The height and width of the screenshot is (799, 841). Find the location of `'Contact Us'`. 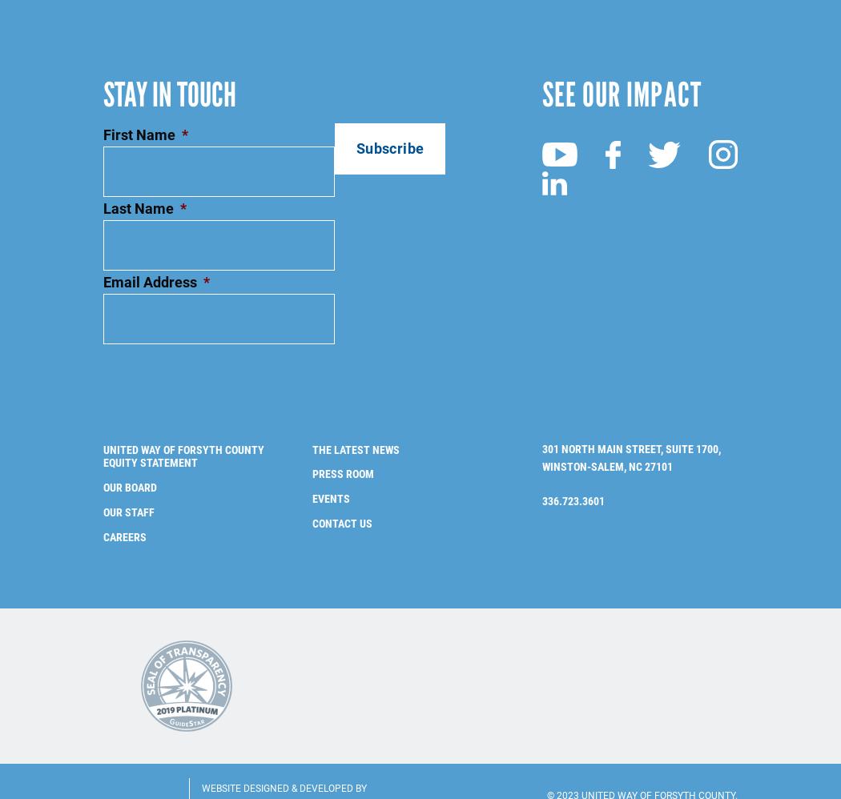

'Contact Us' is located at coordinates (340, 496).